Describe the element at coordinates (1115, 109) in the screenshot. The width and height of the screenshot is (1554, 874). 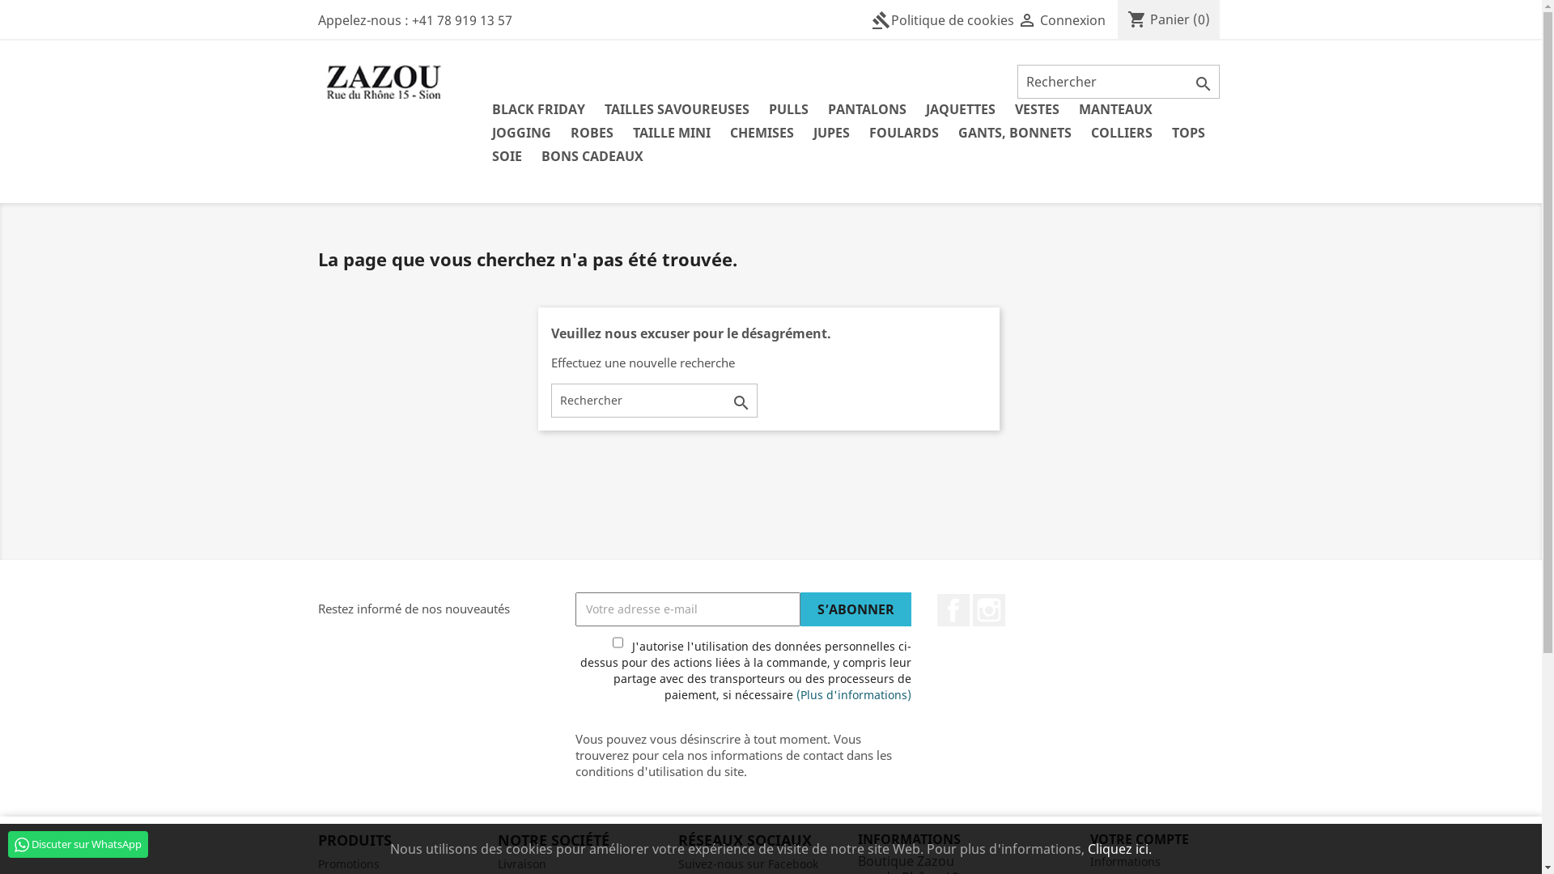
I see `'MANTEAUX'` at that location.